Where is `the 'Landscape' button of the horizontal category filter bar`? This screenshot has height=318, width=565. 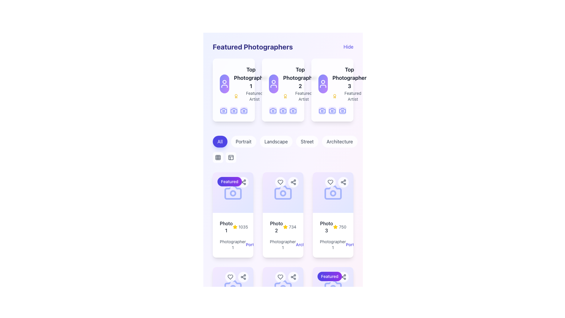 the 'Landscape' button of the horizontal category filter bar is located at coordinates (285, 142).